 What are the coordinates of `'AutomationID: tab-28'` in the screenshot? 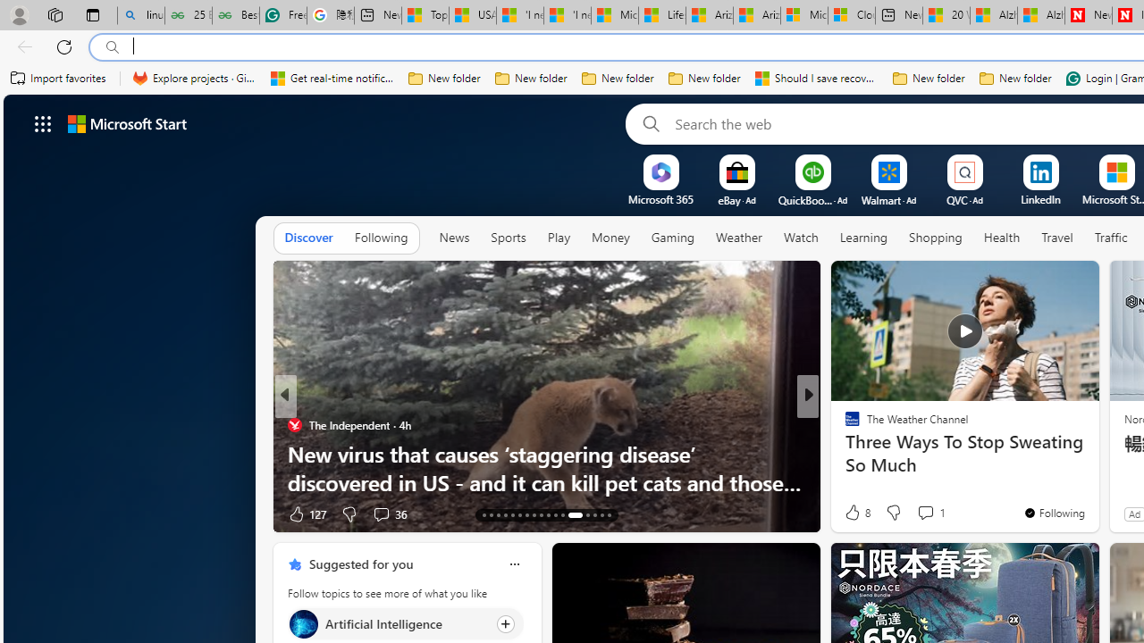 It's located at (601, 515).